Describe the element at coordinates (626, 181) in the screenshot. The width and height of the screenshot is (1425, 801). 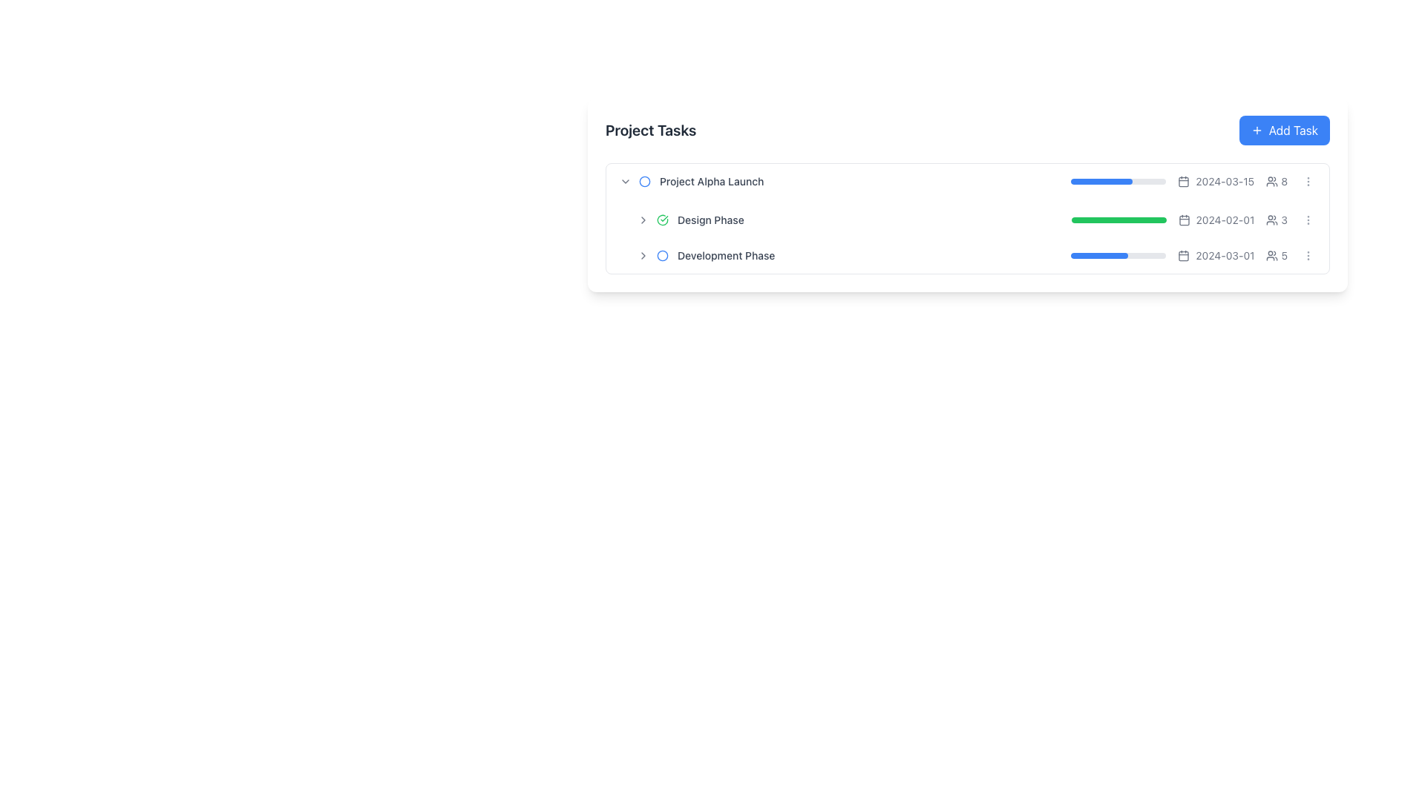
I see `the downward-pointing chevron icon` at that location.